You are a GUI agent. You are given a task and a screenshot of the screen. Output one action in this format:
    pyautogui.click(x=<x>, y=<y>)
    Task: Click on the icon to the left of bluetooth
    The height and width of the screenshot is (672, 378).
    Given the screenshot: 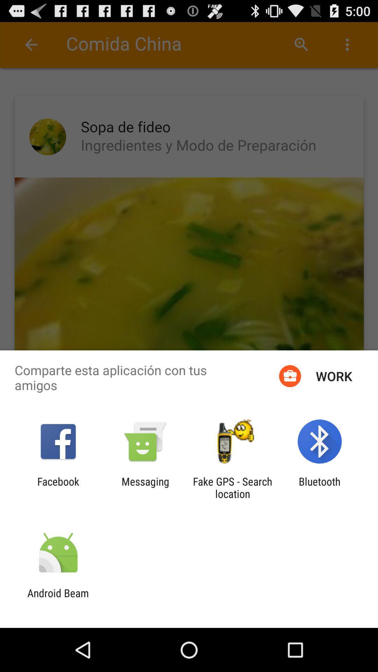 What is the action you would take?
    pyautogui.click(x=232, y=487)
    